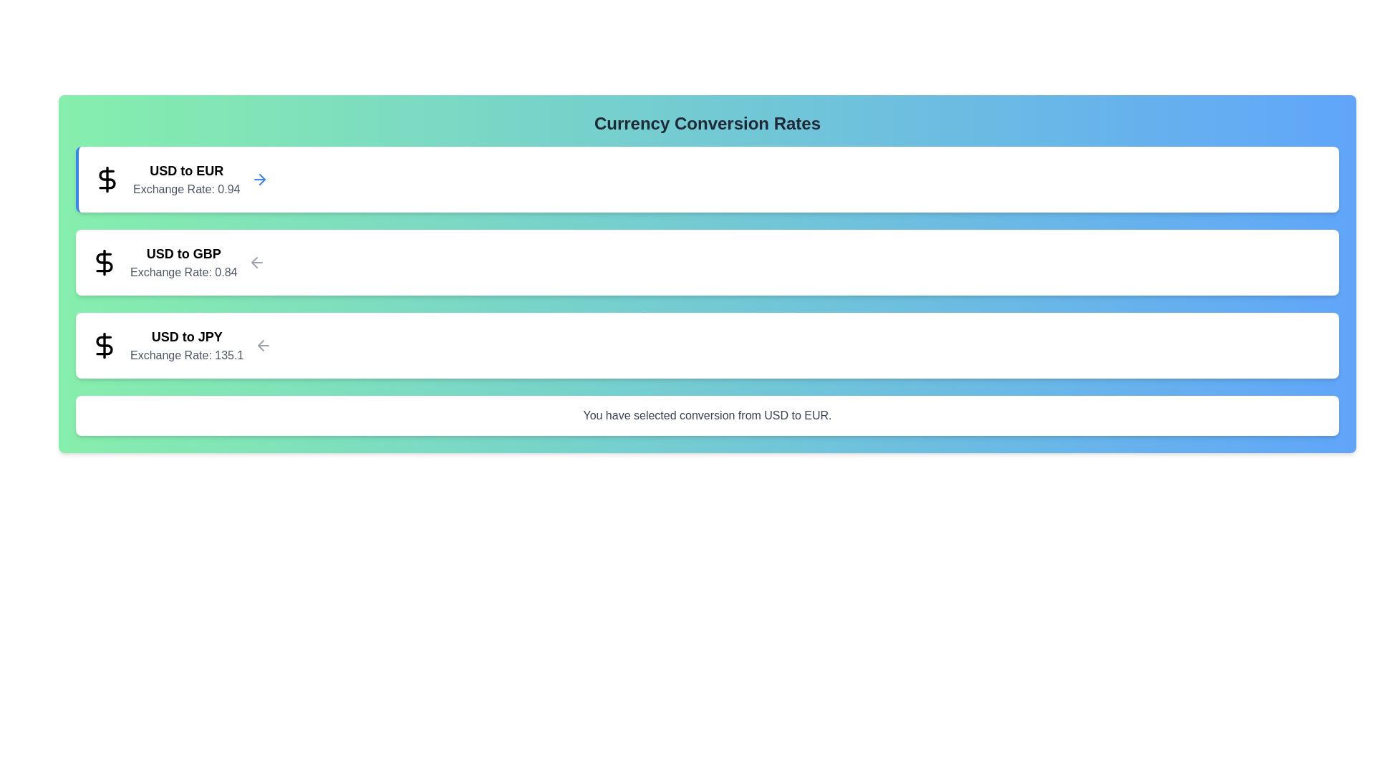 The height and width of the screenshot is (773, 1375). What do you see at coordinates (264, 345) in the screenshot?
I see `the gray leftward-oriented SVG arrow icon indicating a backward action, located to the right of the 'USD to JPY' text and 'Exchange Rate: 135.1' in the currency conversion rates list` at bounding box center [264, 345].